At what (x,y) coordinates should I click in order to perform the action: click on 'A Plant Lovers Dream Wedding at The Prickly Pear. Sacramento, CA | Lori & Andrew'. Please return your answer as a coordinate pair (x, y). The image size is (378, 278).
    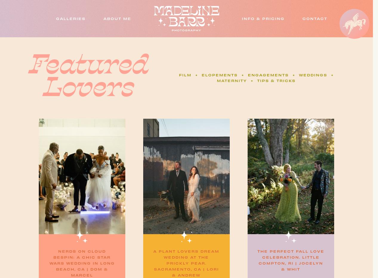
    Looking at the image, I should click on (186, 263).